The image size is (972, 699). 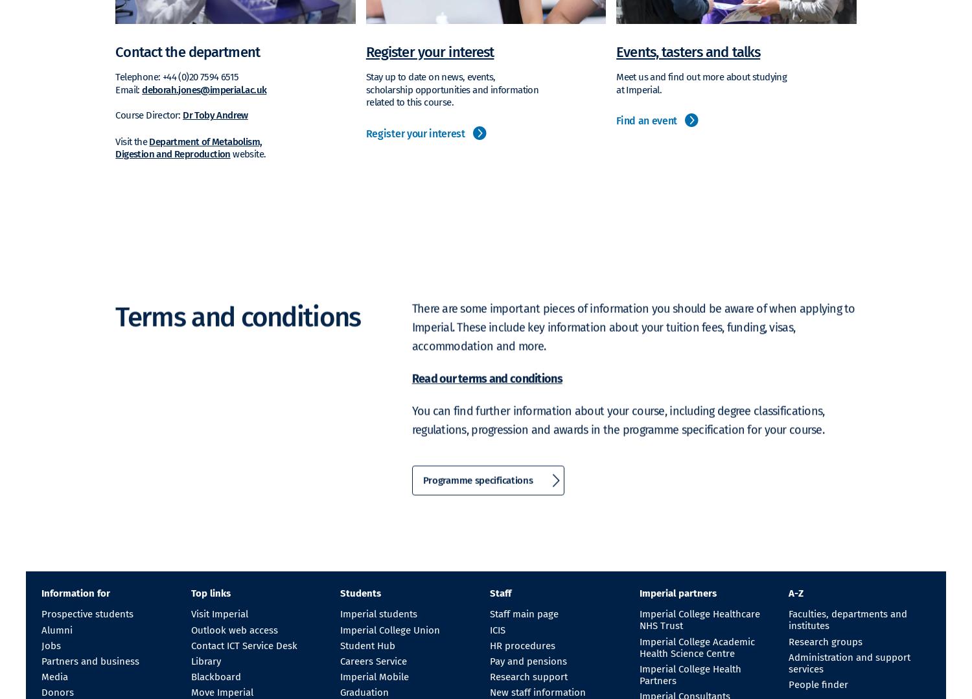 I want to click on 'Information for', so click(x=75, y=593).